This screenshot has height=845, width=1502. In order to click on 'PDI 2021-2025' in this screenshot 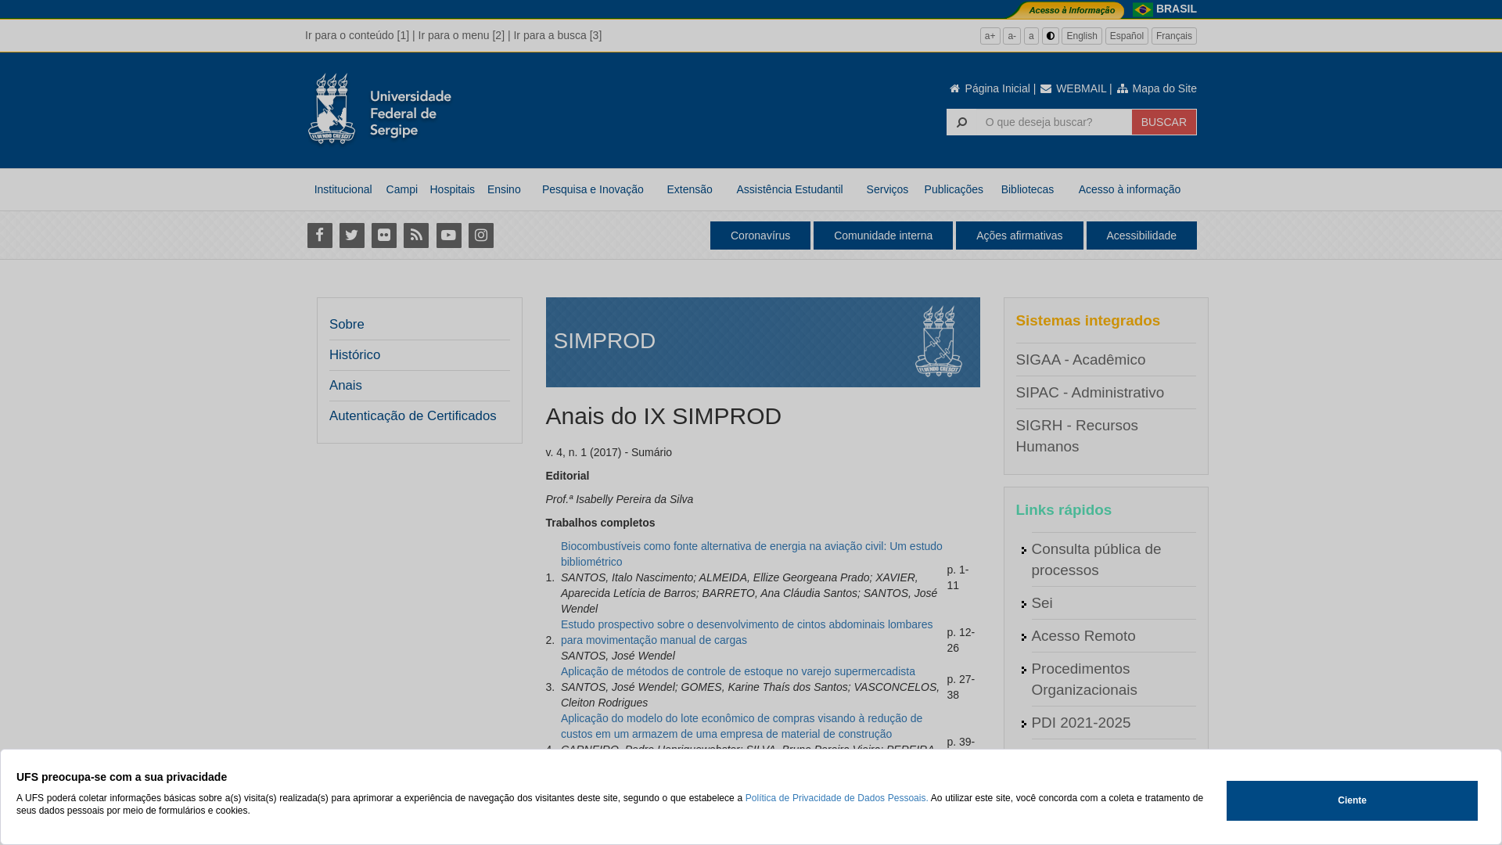, I will do `click(1080, 722)`.